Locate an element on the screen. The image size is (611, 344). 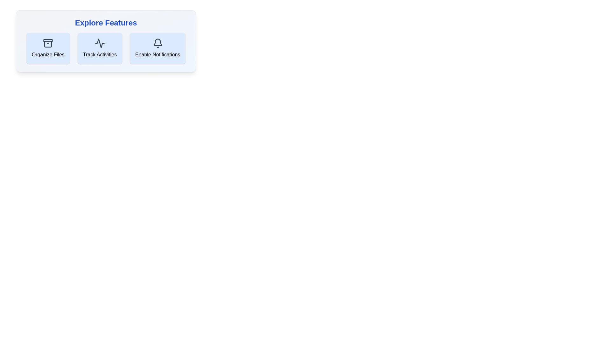
the 'Organize Files' interactive button with a light blue background, which is the first button in the 'Explore Features' section is located at coordinates (48, 48).